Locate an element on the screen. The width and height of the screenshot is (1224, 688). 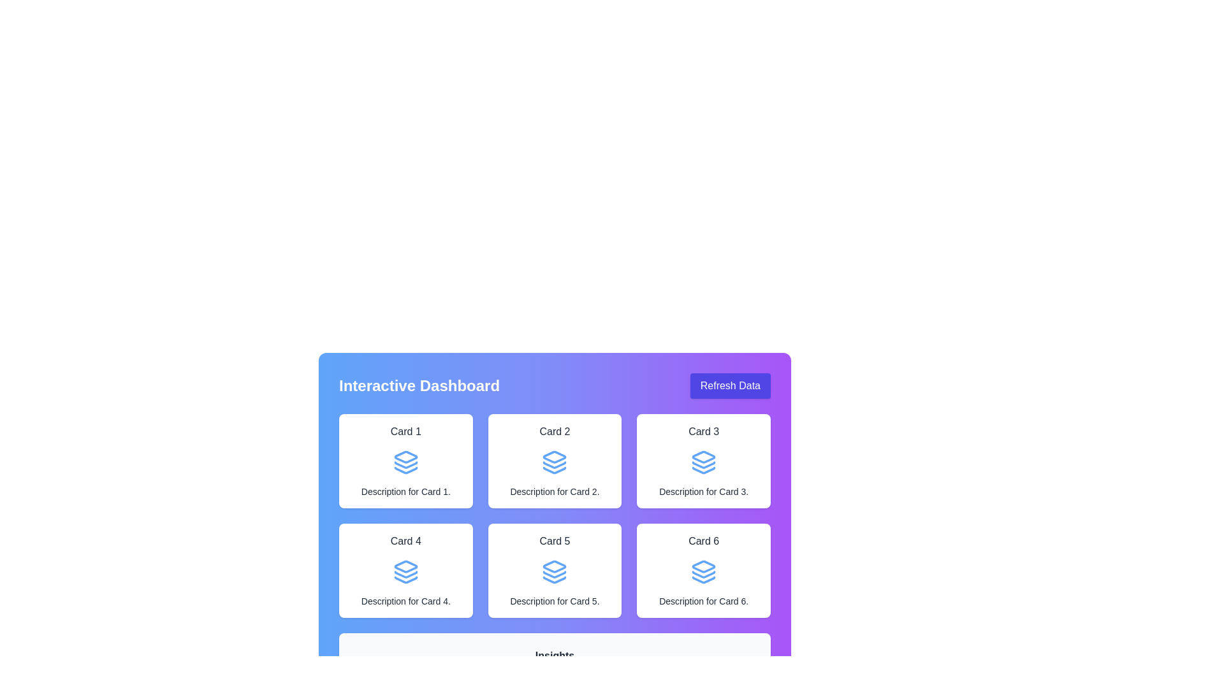
the visual representation of the icon located within 'Card 3', positioned above the text 'Description for Card 3.' is located at coordinates (703, 462).